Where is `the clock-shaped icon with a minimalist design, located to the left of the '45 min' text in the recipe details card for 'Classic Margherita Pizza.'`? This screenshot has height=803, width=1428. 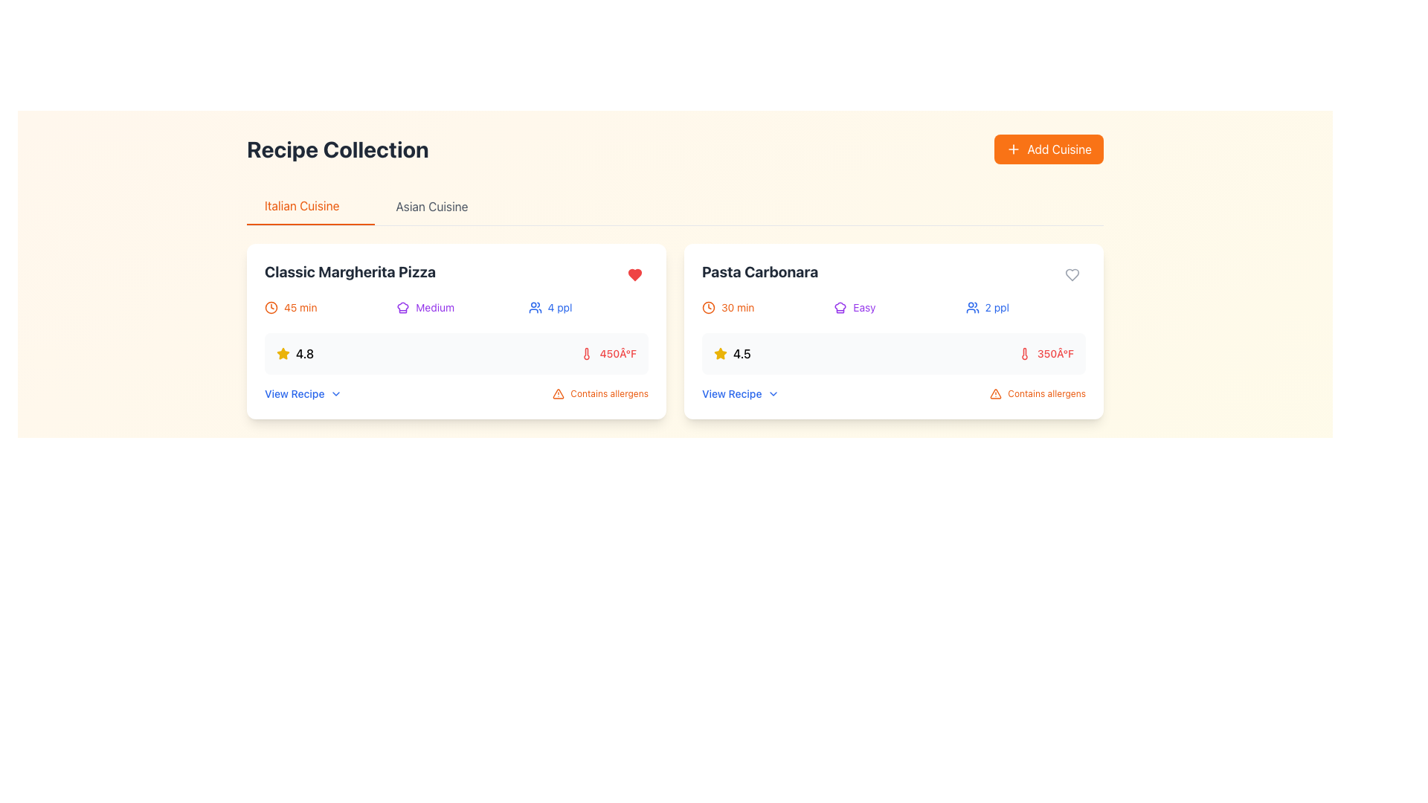
the clock-shaped icon with a minimalist design, located to the left of the '45 min' text in the recipe details card for 'Classic Margherita Pizza.' is located at coordinates (271, 306).